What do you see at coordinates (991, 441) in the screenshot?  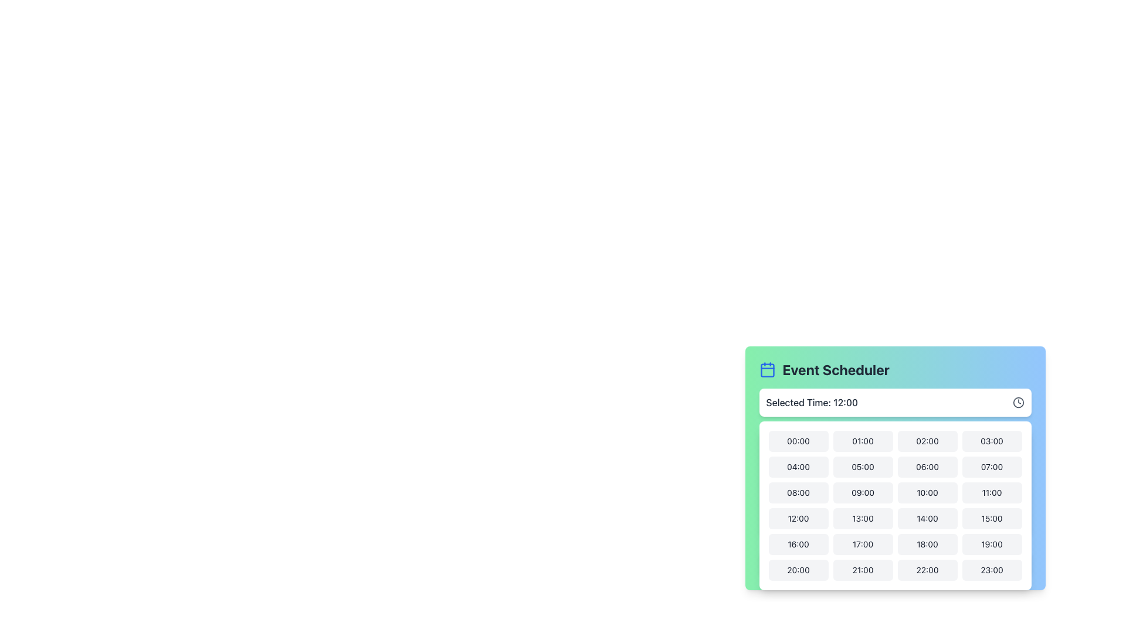 I see `the button labeled '03:00' in the 'Event Scheduler' UI to change its background color to light blue` at bounding box center [991, 441].